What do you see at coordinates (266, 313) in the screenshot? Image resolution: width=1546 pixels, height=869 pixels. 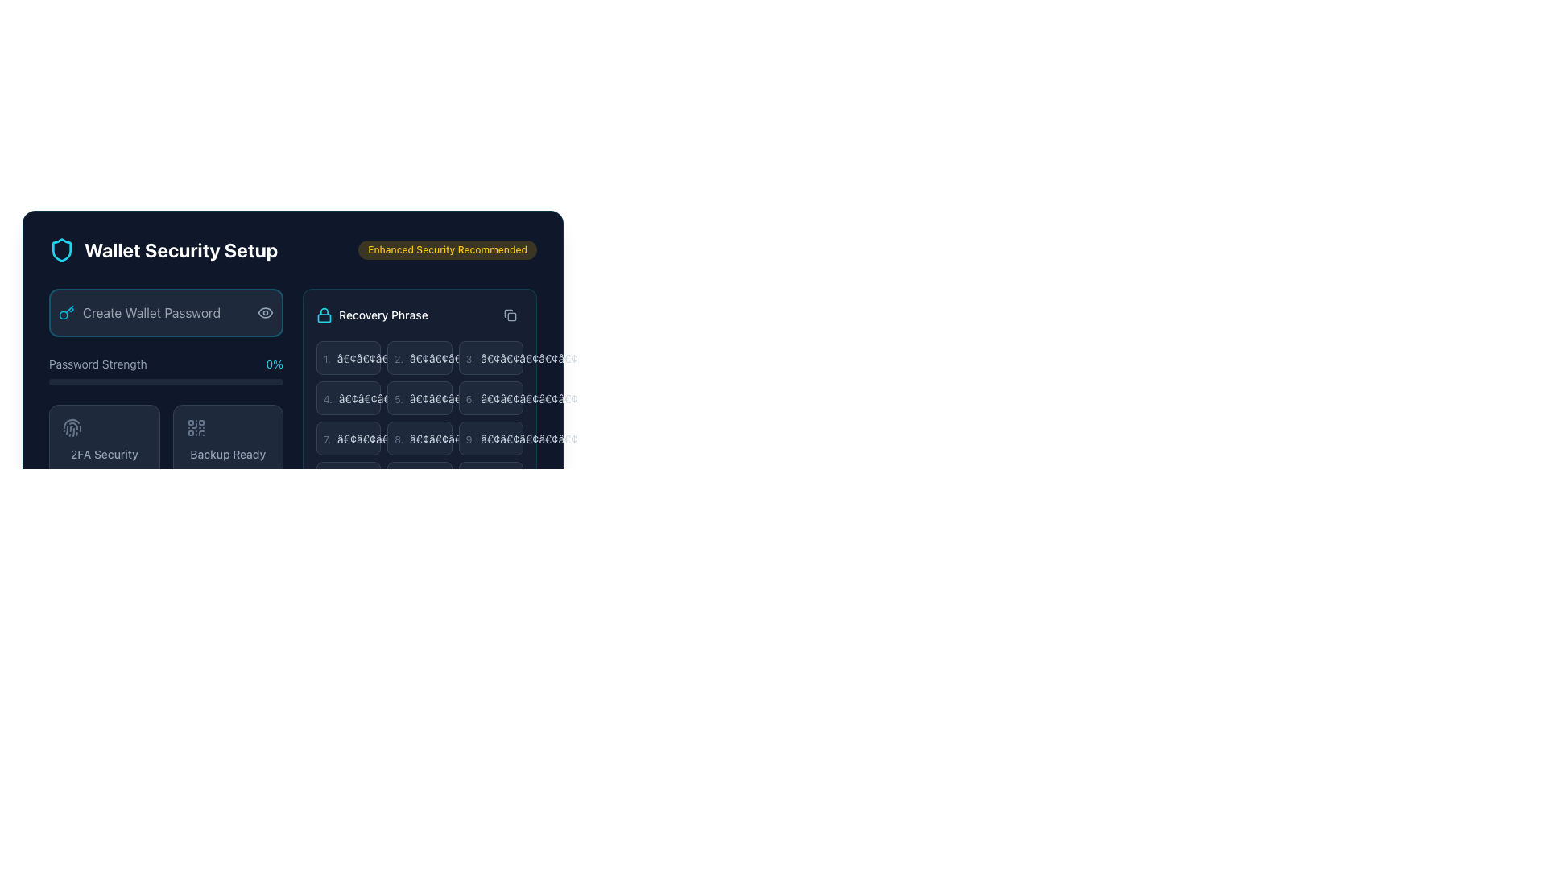 I see `the password visibility toggle icon located on the right-hand side of the 'Create Wallet Password' input field to trigger styling changes` at bounding box center [266, 313].